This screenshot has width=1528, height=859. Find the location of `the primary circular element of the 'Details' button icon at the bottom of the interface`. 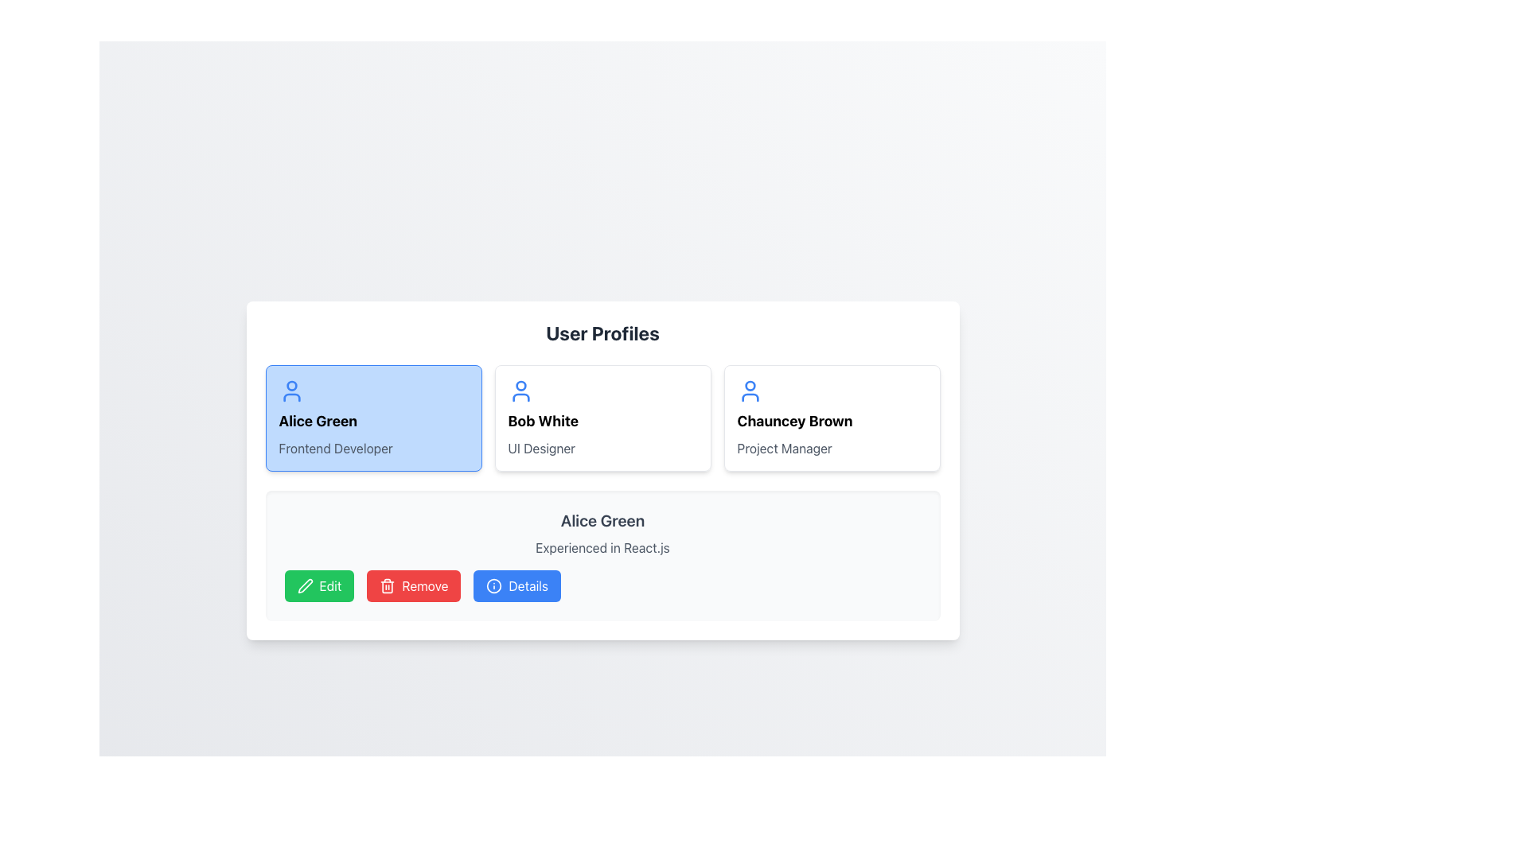

the primary circular element of the 'Details' button icon at the bottom of the interface is located at coordinates (493, 585).